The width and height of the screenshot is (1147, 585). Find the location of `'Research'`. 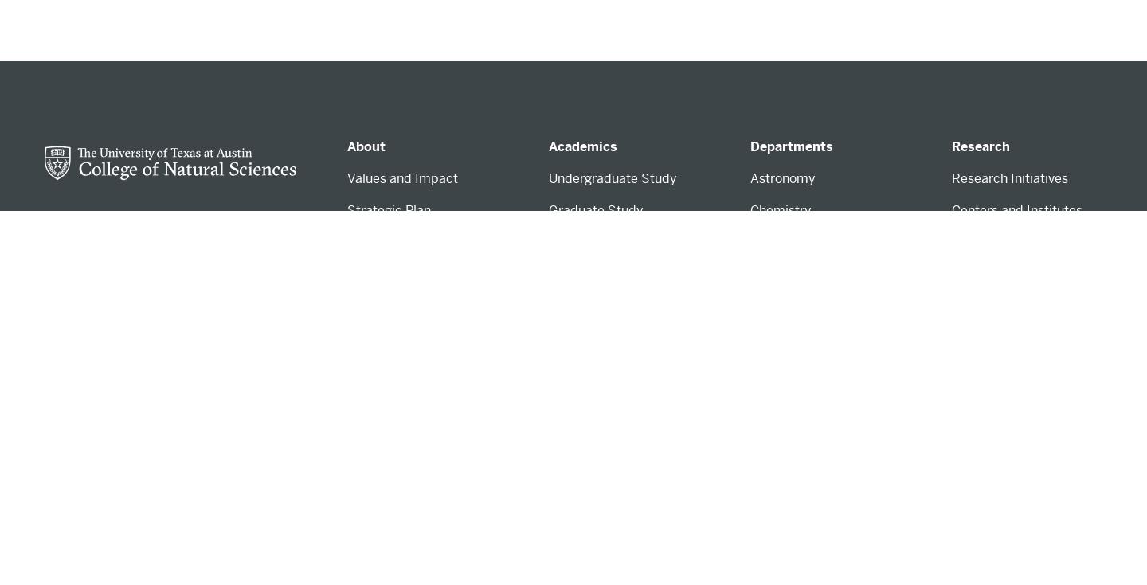

'Research' is located at coordinates (980, 146).